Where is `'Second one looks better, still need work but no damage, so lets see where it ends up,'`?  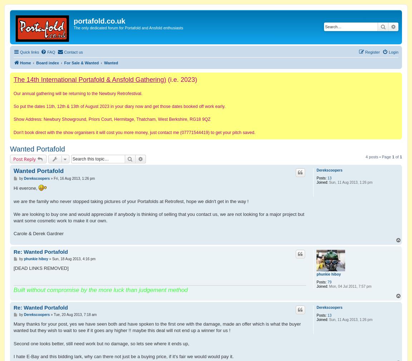
'Second one looks better, still need work but no damage, so lets see where it ends up,' is located at coordinates (101, 343).